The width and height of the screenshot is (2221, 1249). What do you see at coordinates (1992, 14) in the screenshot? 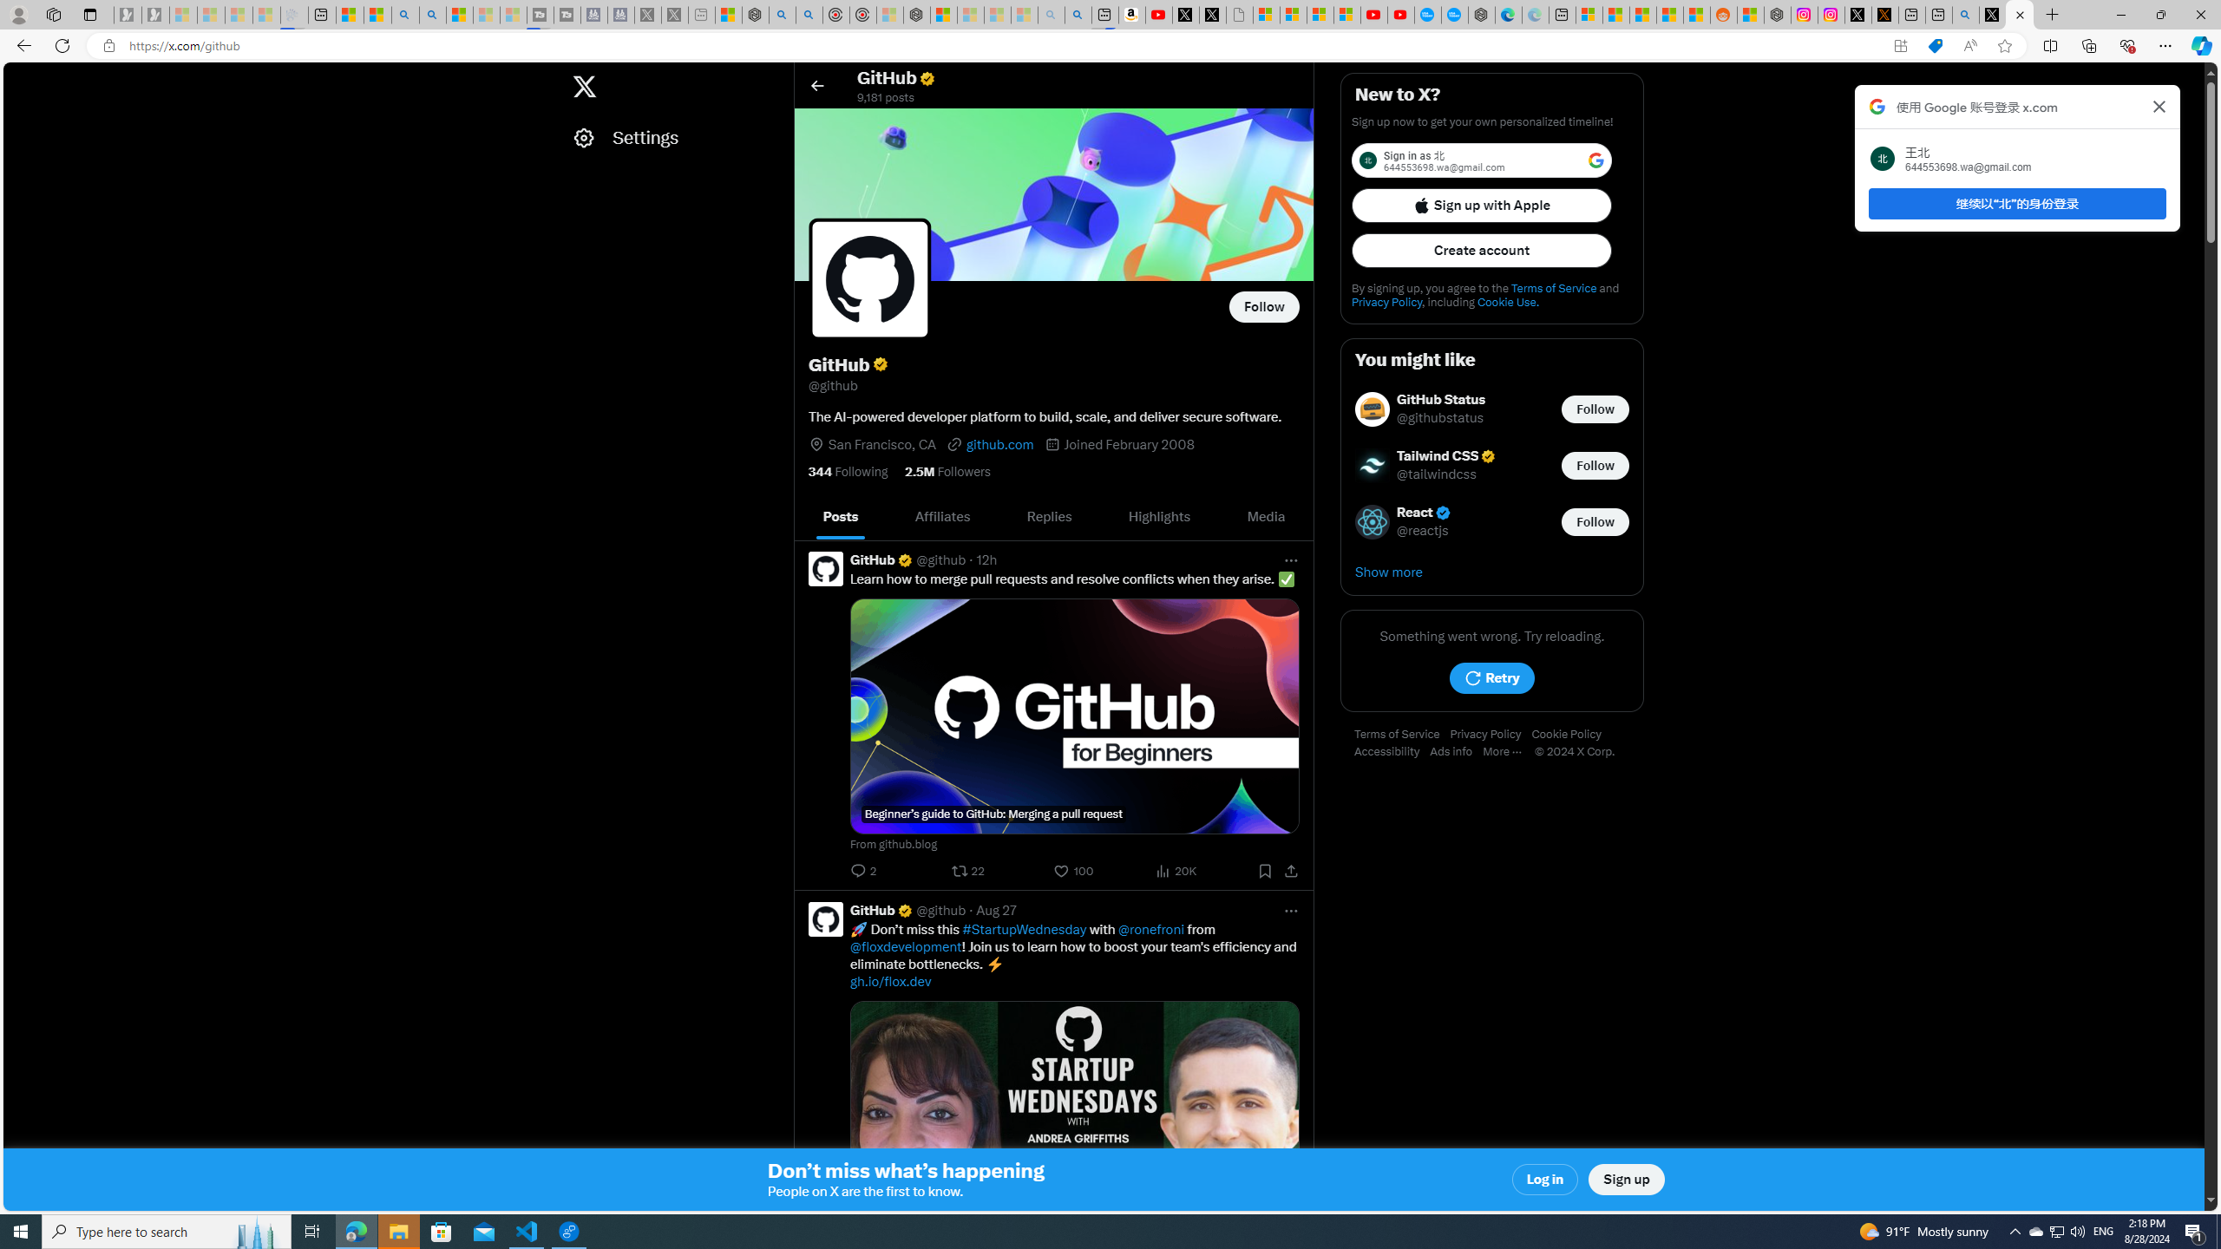
I see `'Profile / X'` at bounding box center [1992, 14].